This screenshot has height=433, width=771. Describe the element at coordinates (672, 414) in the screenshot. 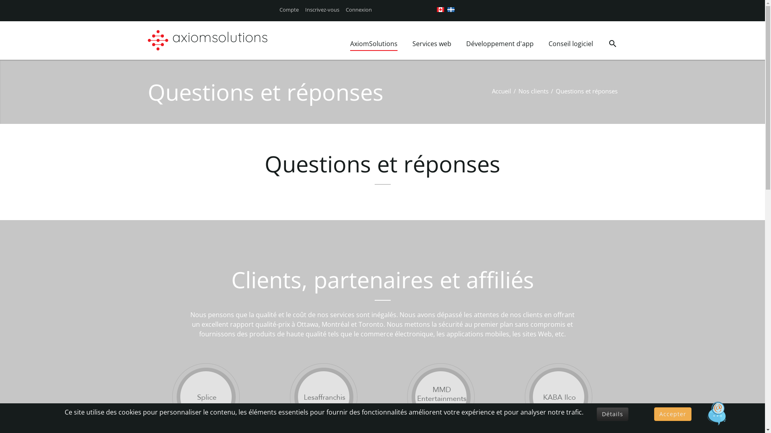

I see `'Accepter'` at that location.